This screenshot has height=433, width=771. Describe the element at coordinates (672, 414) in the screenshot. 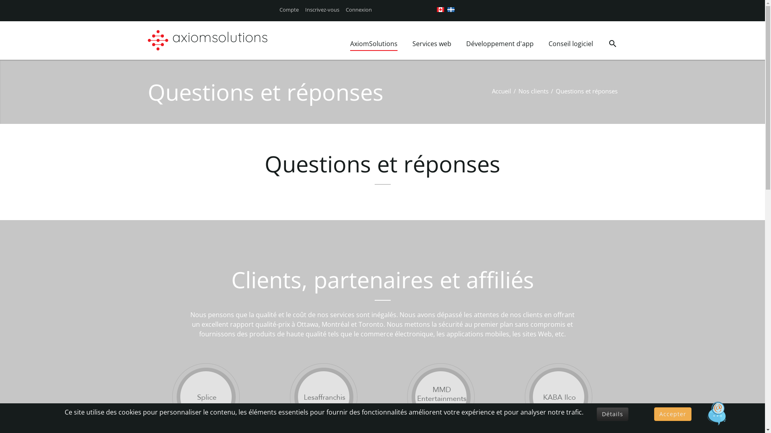

I see `'Accepter'` at that location.